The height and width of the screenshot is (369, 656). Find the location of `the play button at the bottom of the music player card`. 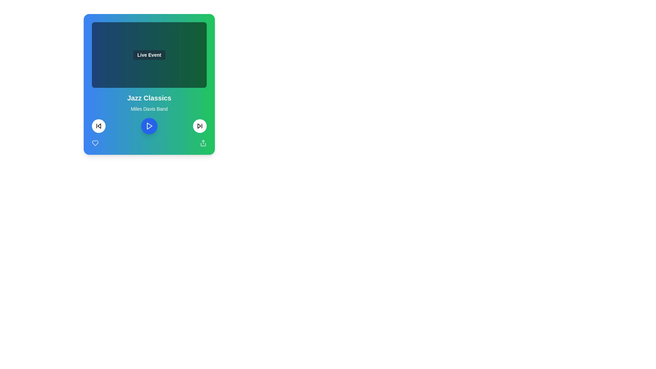

the play button at the bottom of the music player card is located at coordinates (149, 126).